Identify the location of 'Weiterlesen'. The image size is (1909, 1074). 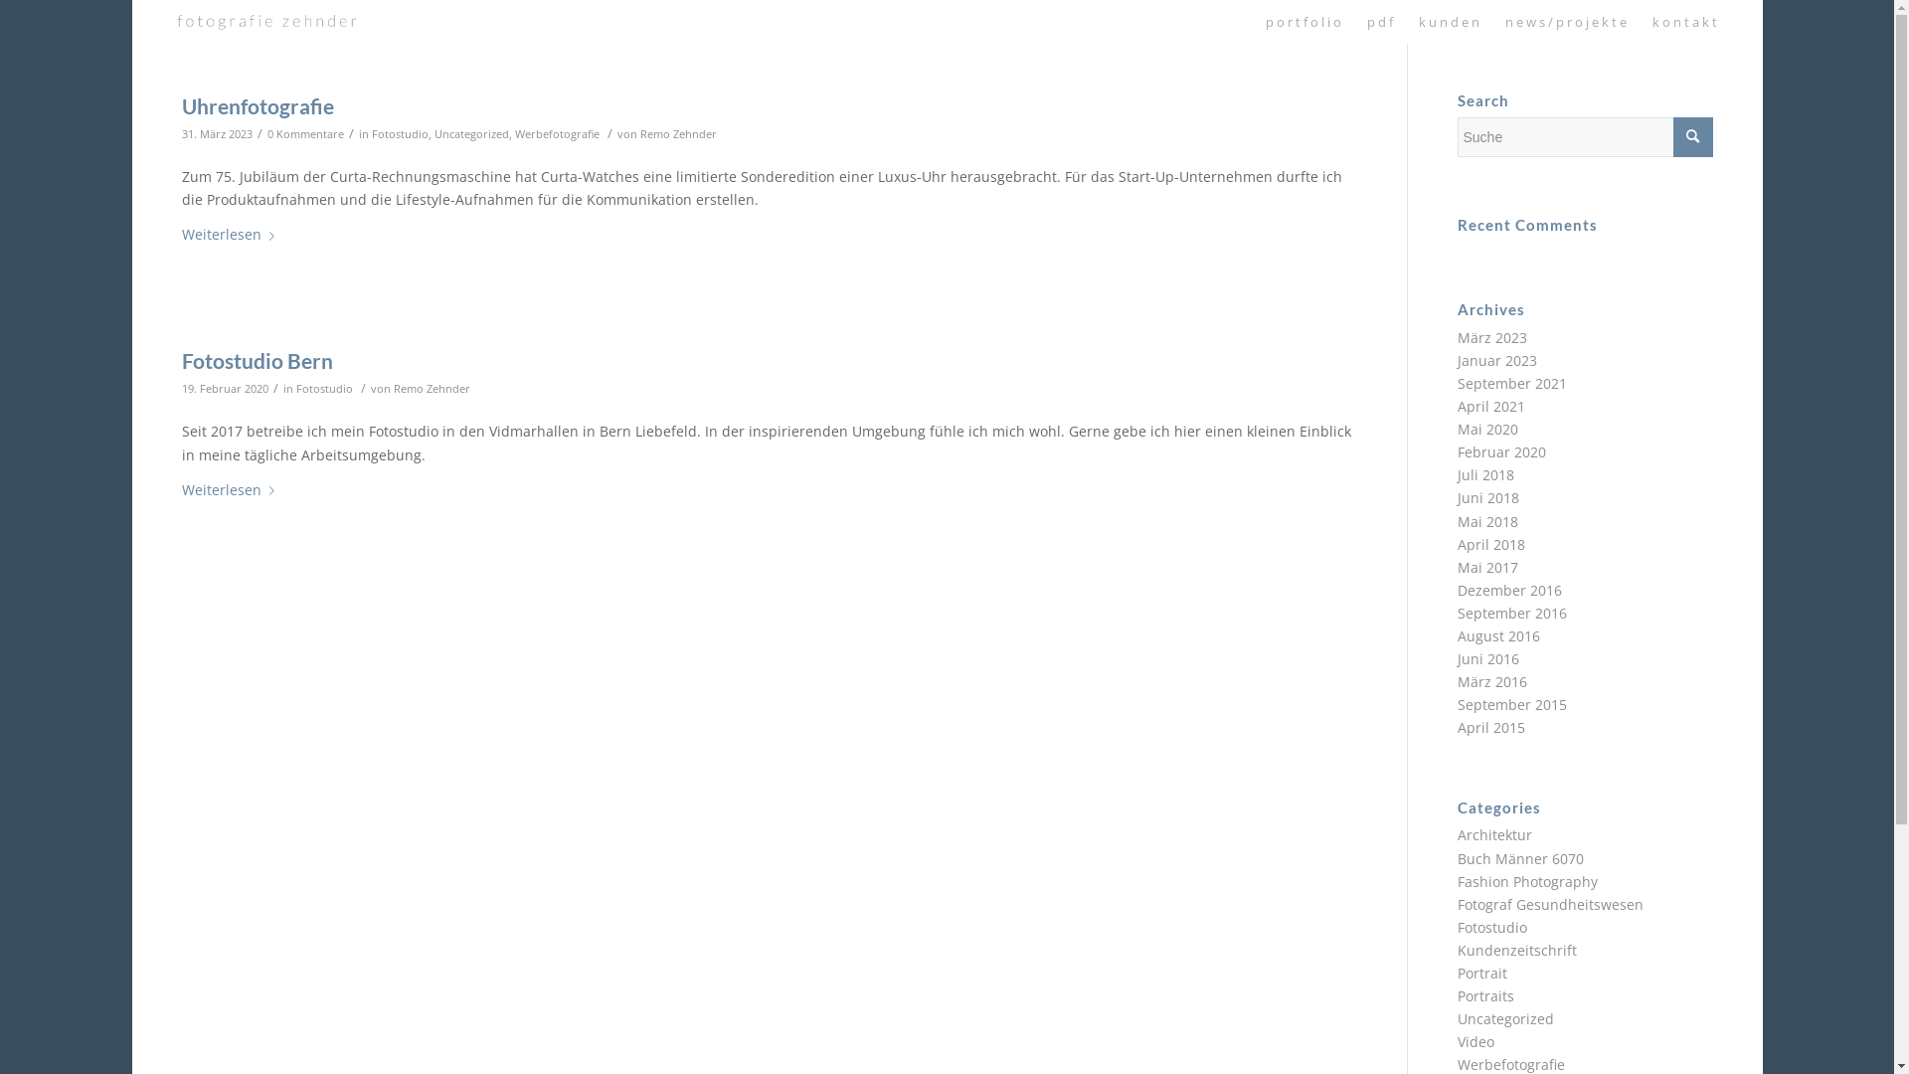
(231, 234).